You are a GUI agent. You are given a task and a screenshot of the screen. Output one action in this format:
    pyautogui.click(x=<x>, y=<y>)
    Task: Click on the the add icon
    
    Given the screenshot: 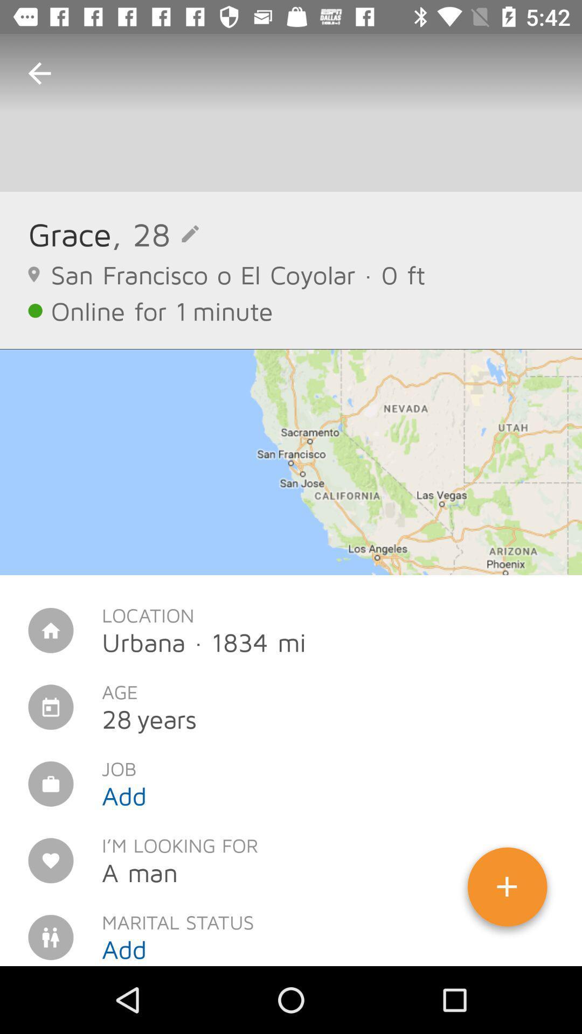 What is the action you would take?
    pyautogui.click(x=507, y=891)
    